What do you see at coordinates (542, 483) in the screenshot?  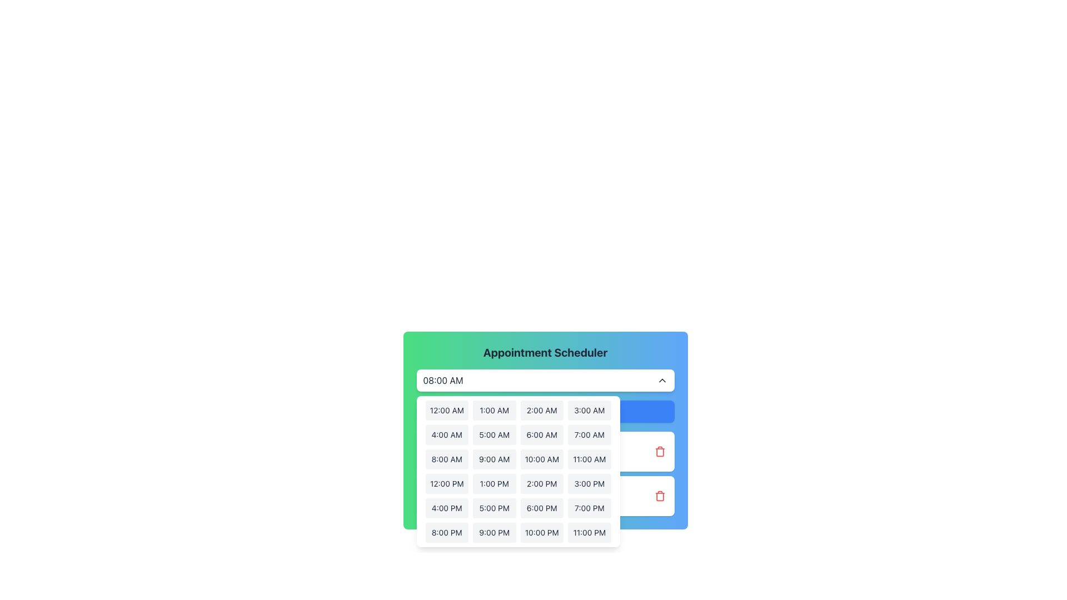 I see `the rectangular button labeled '2:00 PM' with a light gray background in the appointment scheduler's grid layout` at bounding box center [542, 483].